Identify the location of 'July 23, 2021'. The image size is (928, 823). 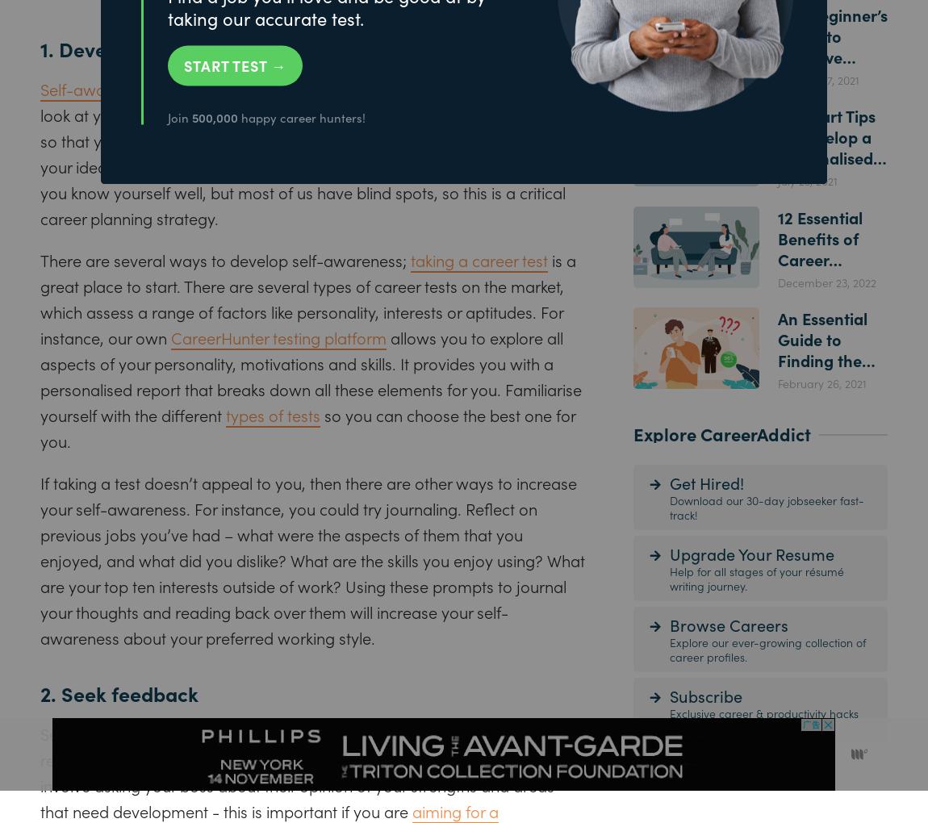
(807, 180).